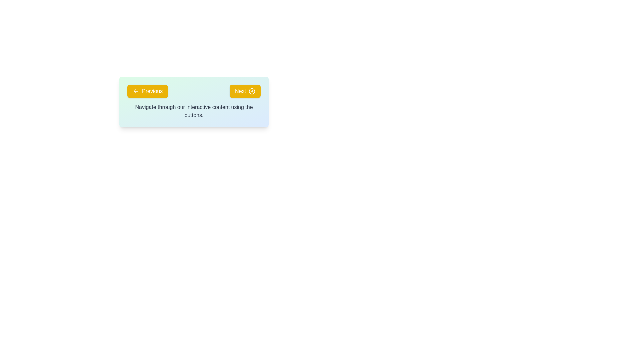  I want to click on the inner SVG circle element of the 'Next' button, which is located to the right of the 'Previous' button, so click(251, 91).